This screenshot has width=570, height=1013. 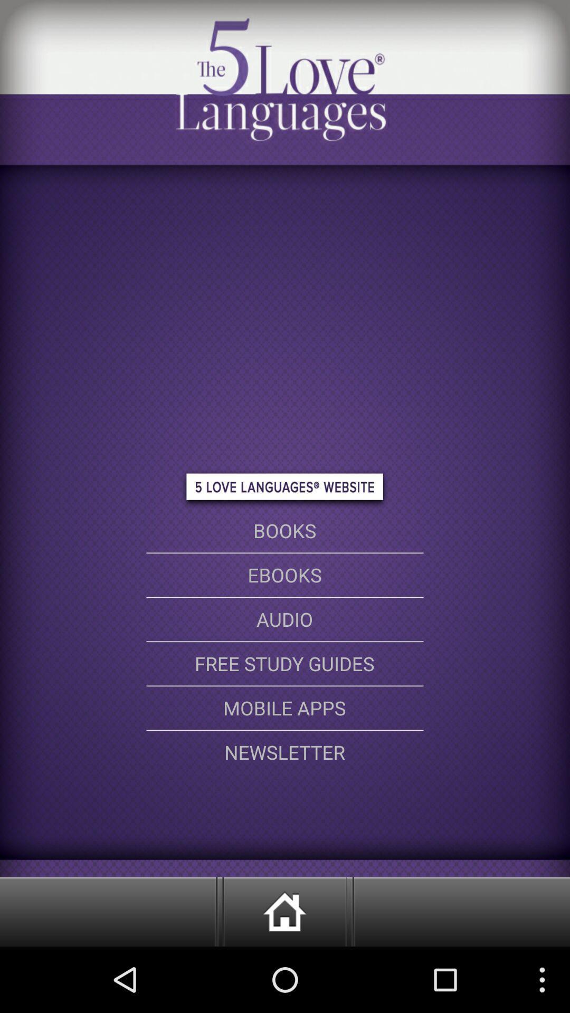 What do you see at coordinates (285, 708) in the screenshot?
I see `the option above newsletter` at bounding box center [285, 708].